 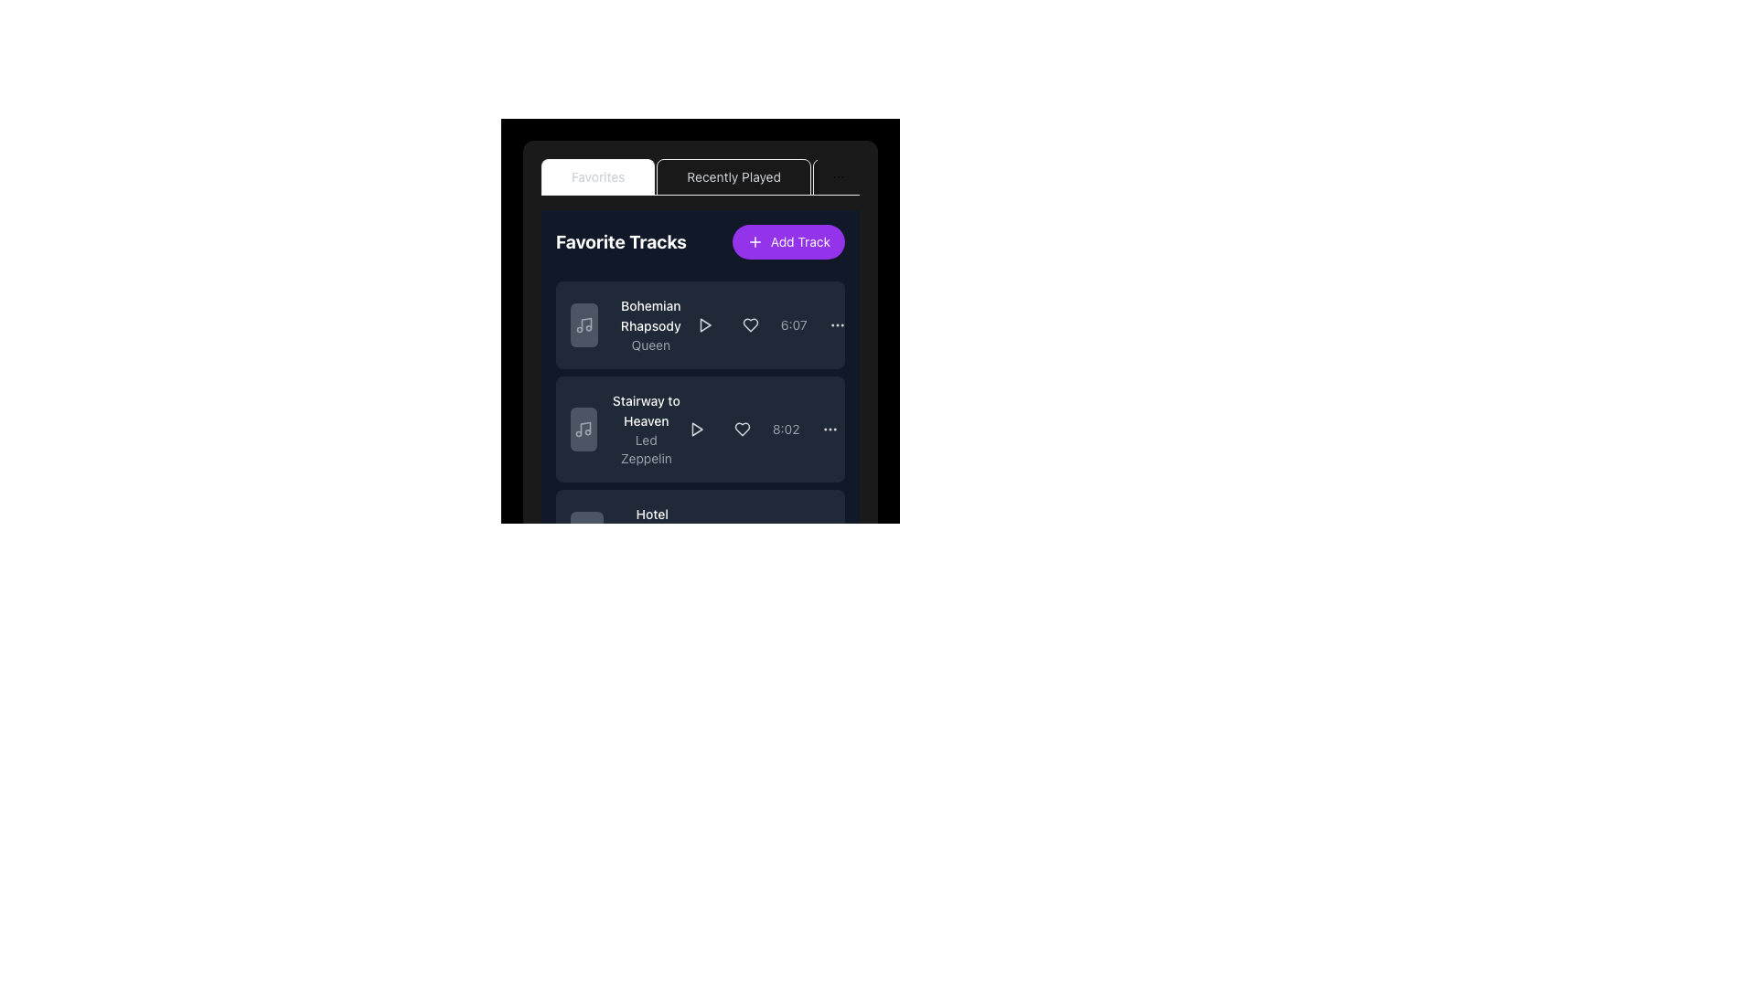 I want to click on the small play icon button styled as a triangular play symbol within a circular button, located next to the text 'Bohemian Rhapsody' and above the duration '6:07' to play the track, so click(x=703, y=324).